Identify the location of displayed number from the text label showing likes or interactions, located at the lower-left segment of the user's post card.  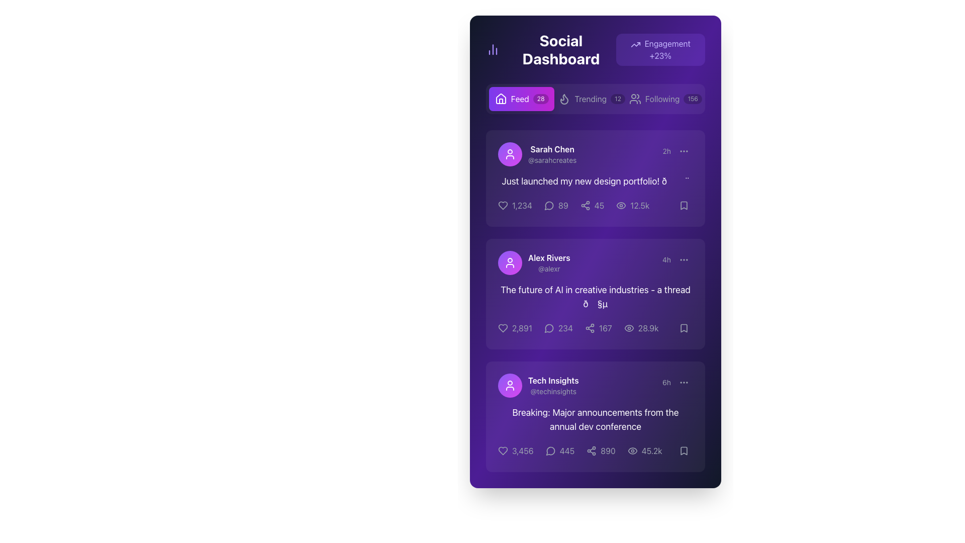
(522, 328).